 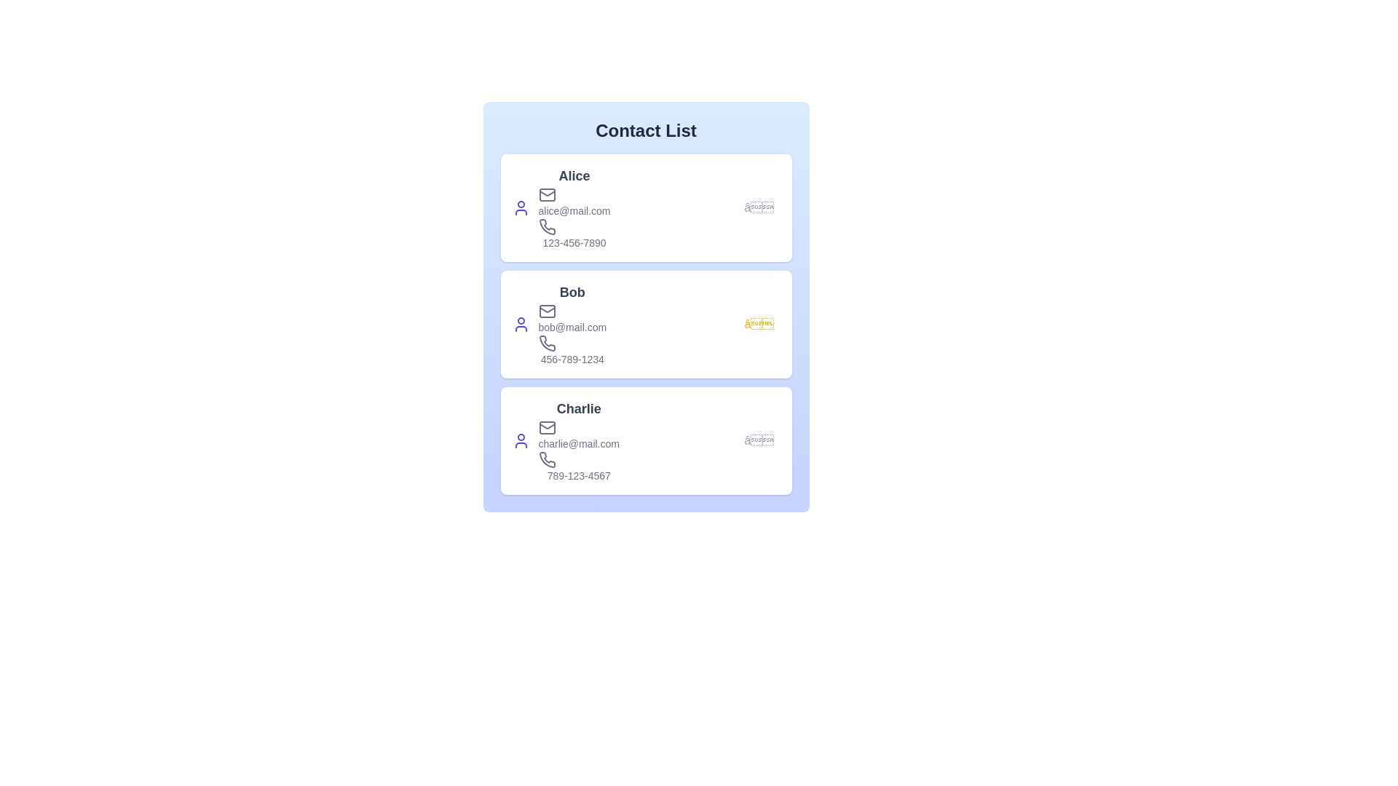 I want to click on the phone icon for the contact Alice, so click(x=546, y=227).